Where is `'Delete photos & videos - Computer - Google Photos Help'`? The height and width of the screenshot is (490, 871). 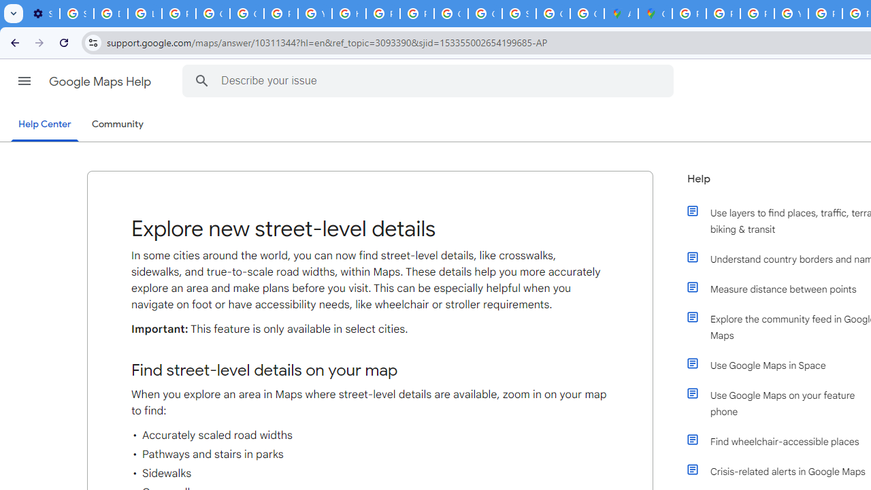 'Delete photos & videos - Computer - Google Photos Help' is located at coordinates (111, 14).